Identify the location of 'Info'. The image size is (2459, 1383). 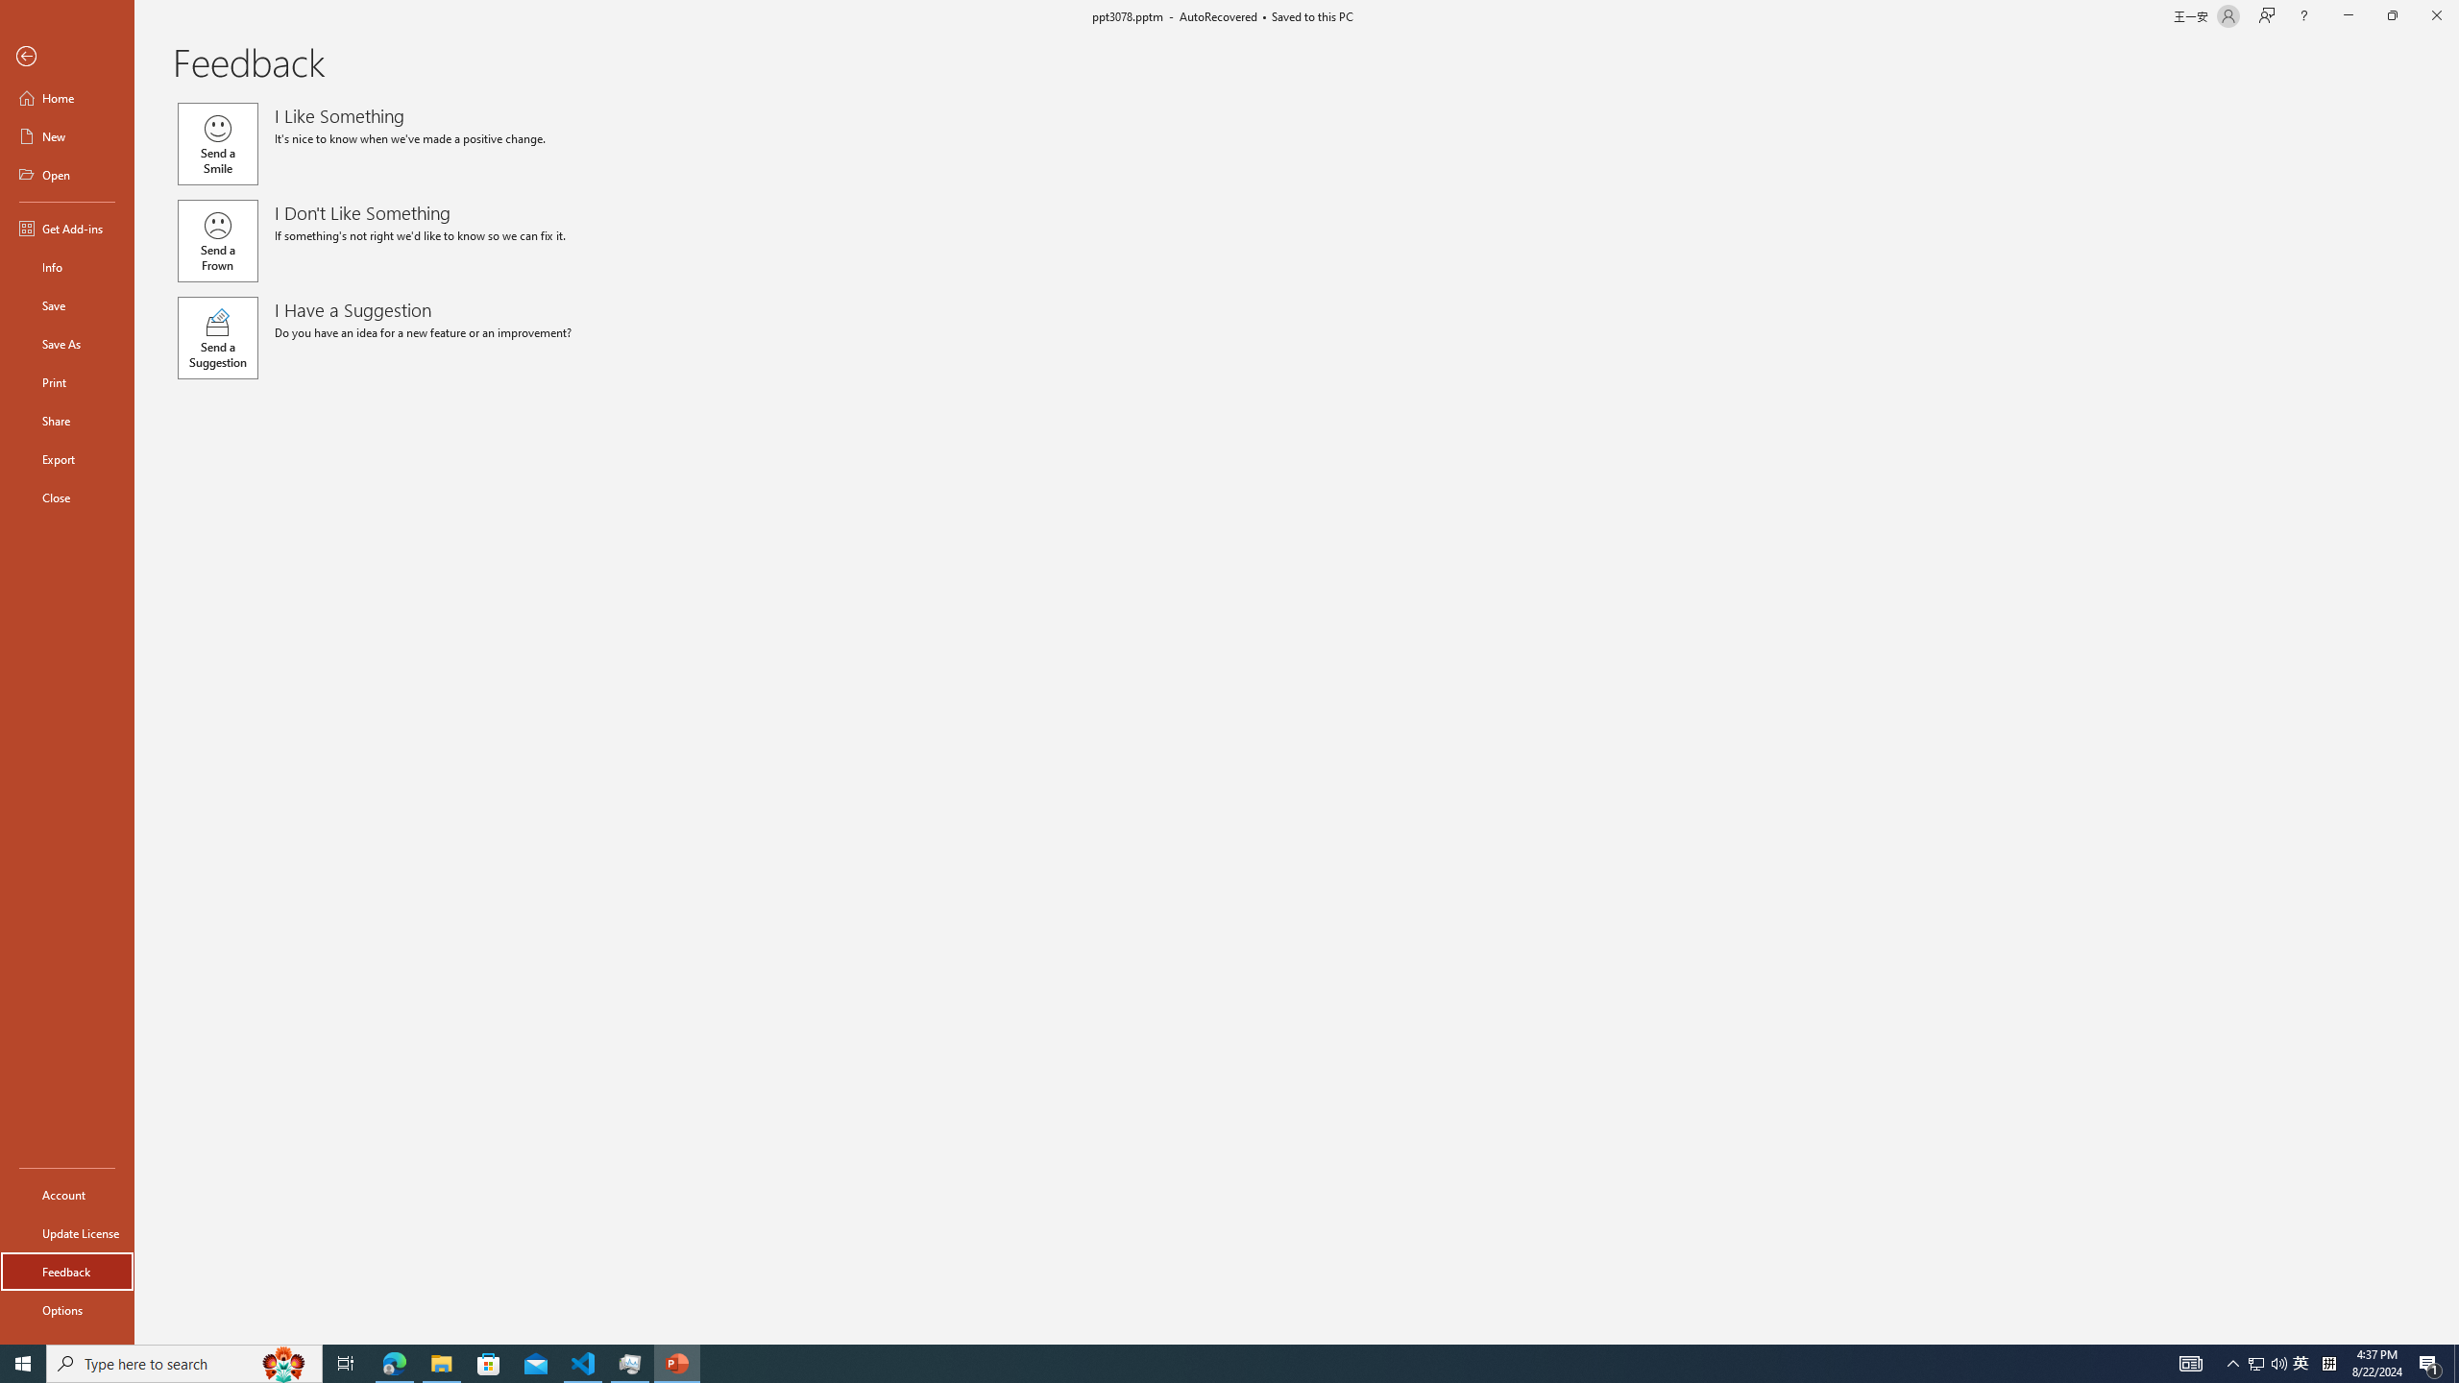
(66, 265).